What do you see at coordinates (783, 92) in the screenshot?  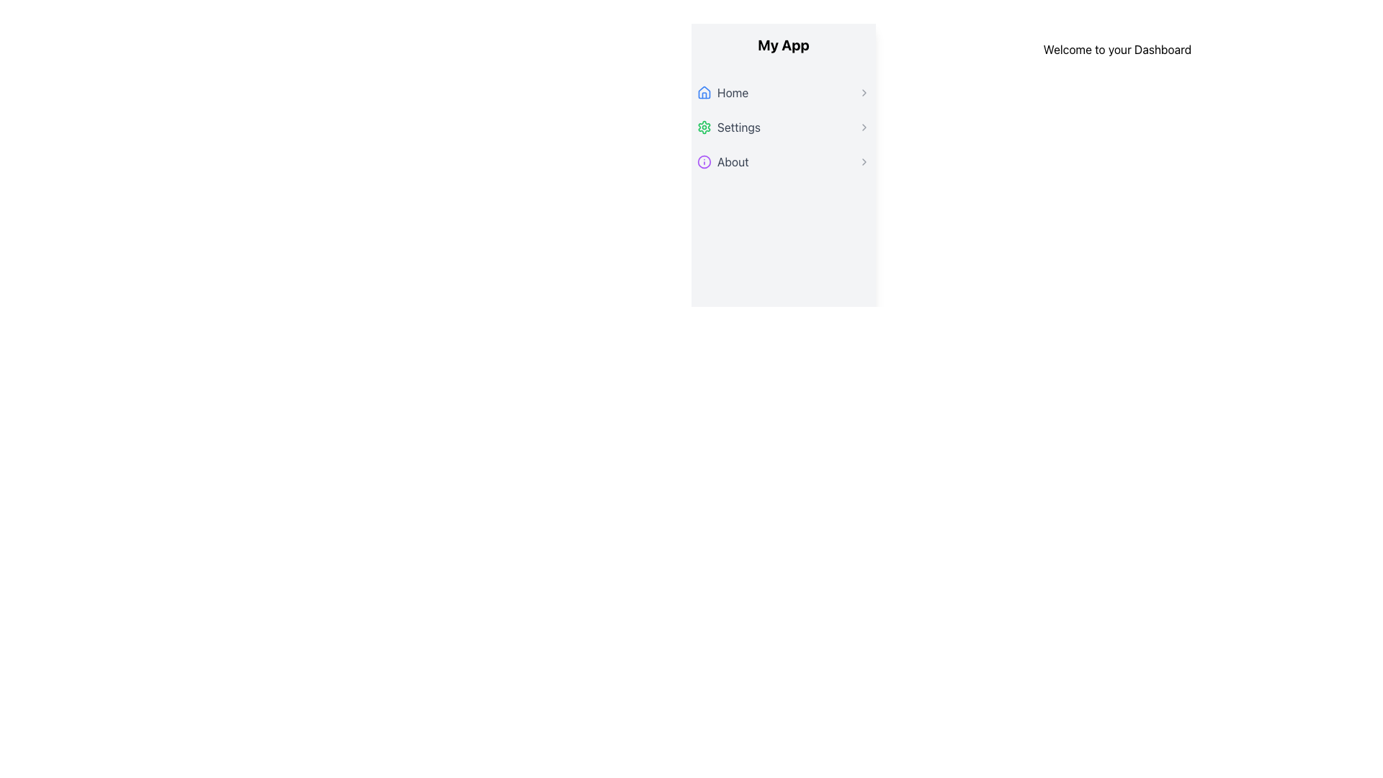 I see `the Navigation link that directs users to the Home section of the application, which is the first item in the vertical navigation menu` at bounding box center [783, 92].